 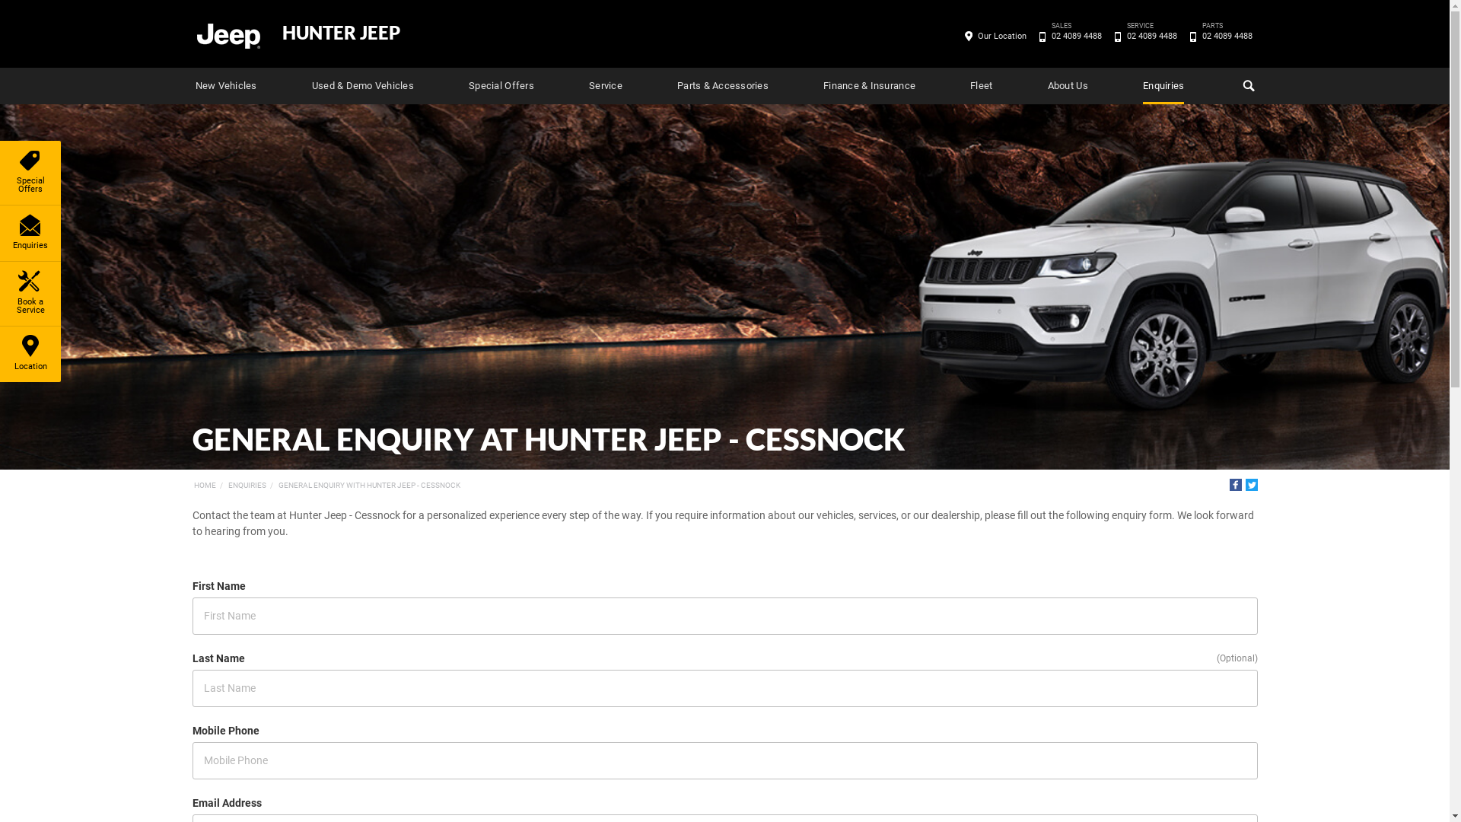 I want to click on 'Enquiries', so click(x=30, y=233).